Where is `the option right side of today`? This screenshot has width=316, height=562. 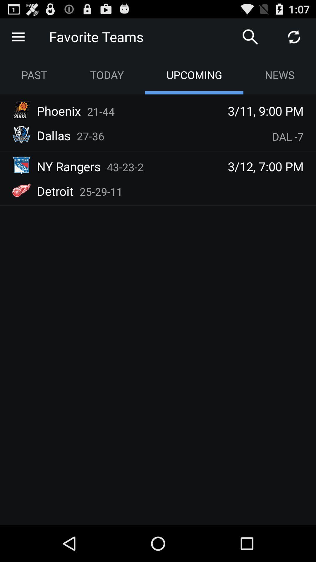
the option right side of today is located at coordinates (194, 74).